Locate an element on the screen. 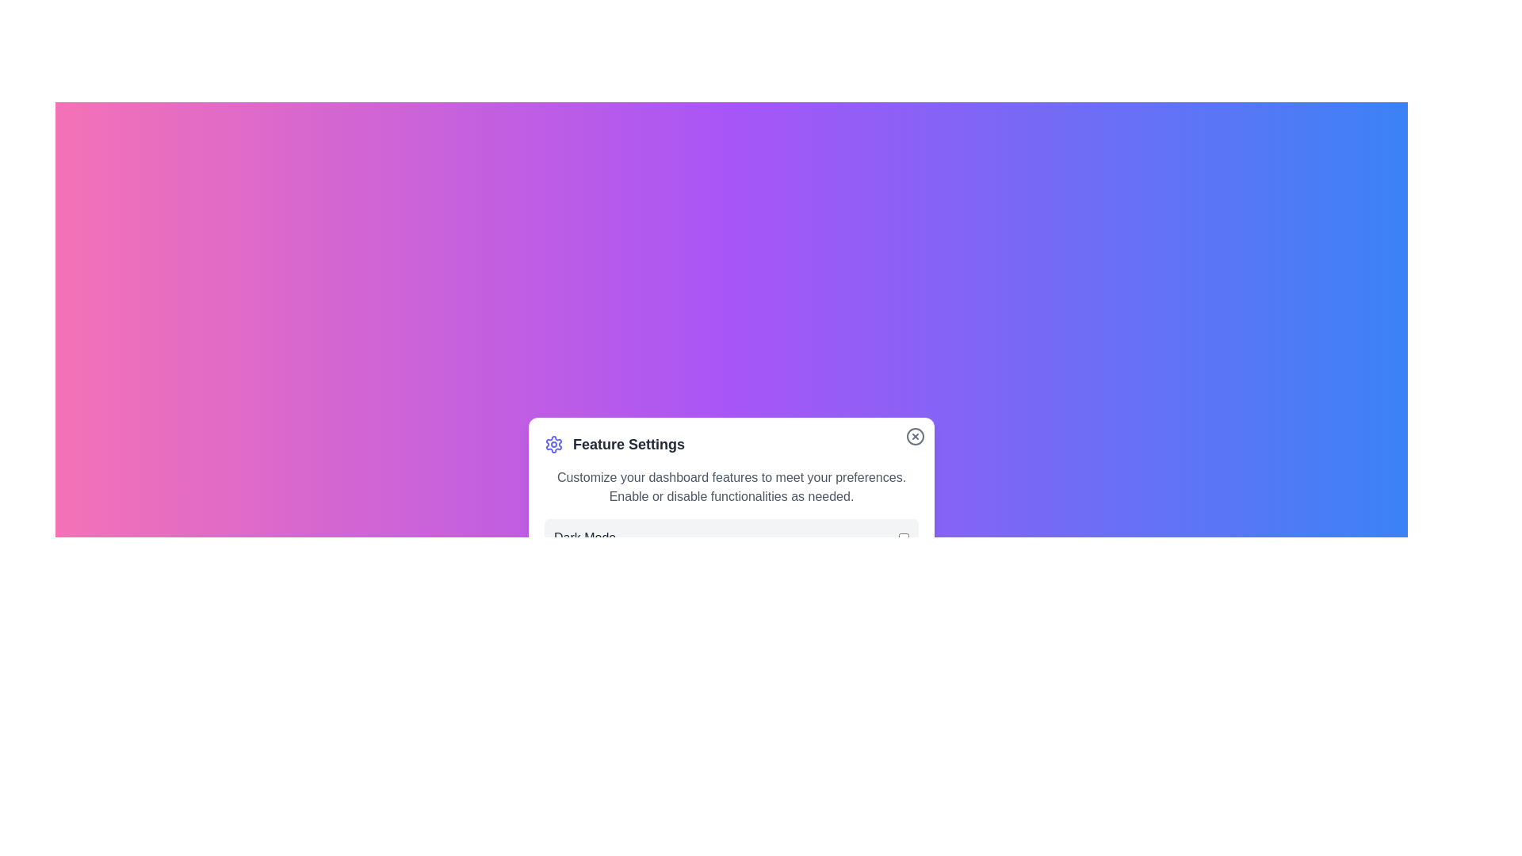 The width and height of the screenshot is (1522, 856). the vibrant indigo cogwheel icon located to the immediate left of the 'Feature Settings' text is located at coordinates (554, 444).